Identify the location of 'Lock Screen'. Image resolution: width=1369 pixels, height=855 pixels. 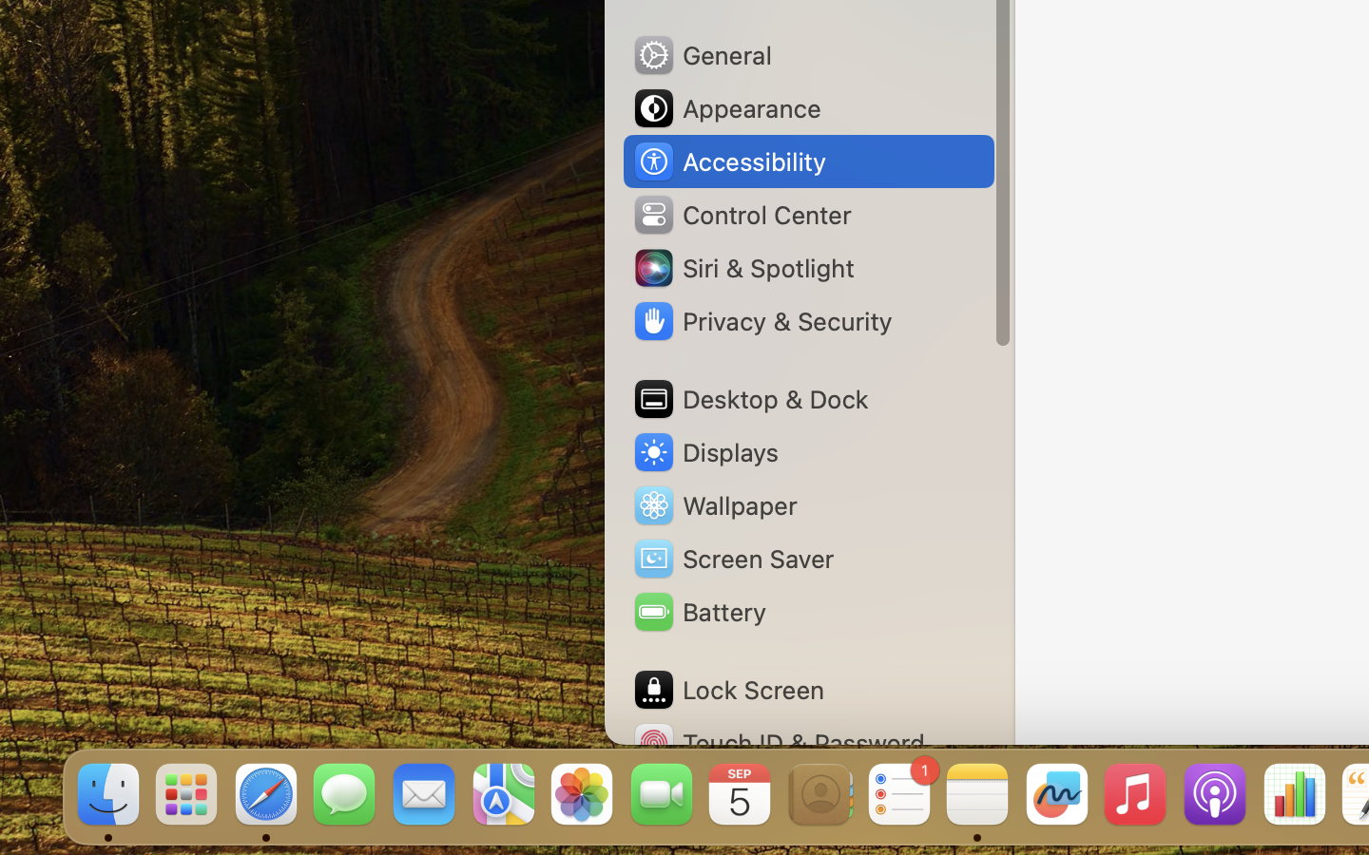
(726, 689).